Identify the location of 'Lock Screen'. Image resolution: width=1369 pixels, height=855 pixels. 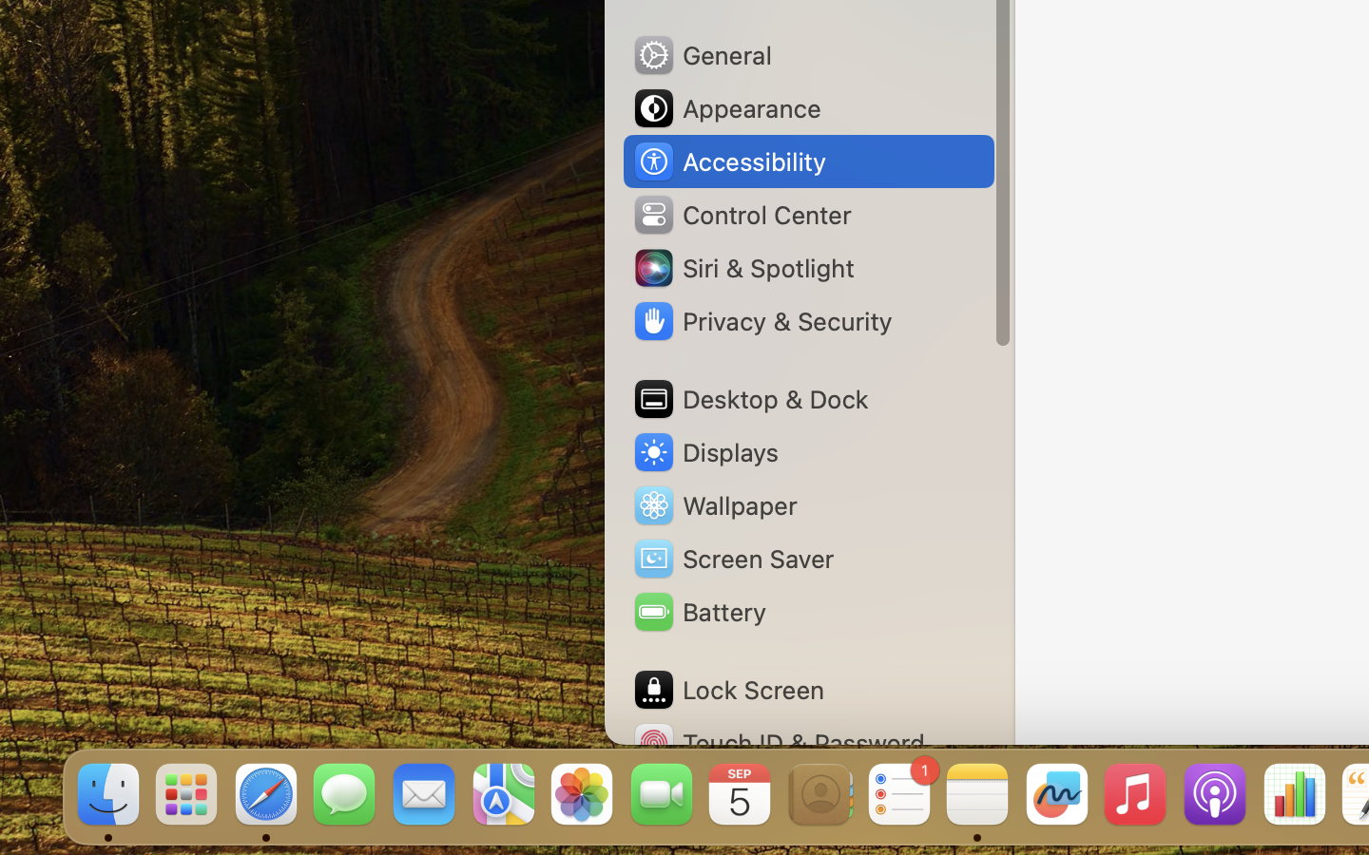
(726, 689).